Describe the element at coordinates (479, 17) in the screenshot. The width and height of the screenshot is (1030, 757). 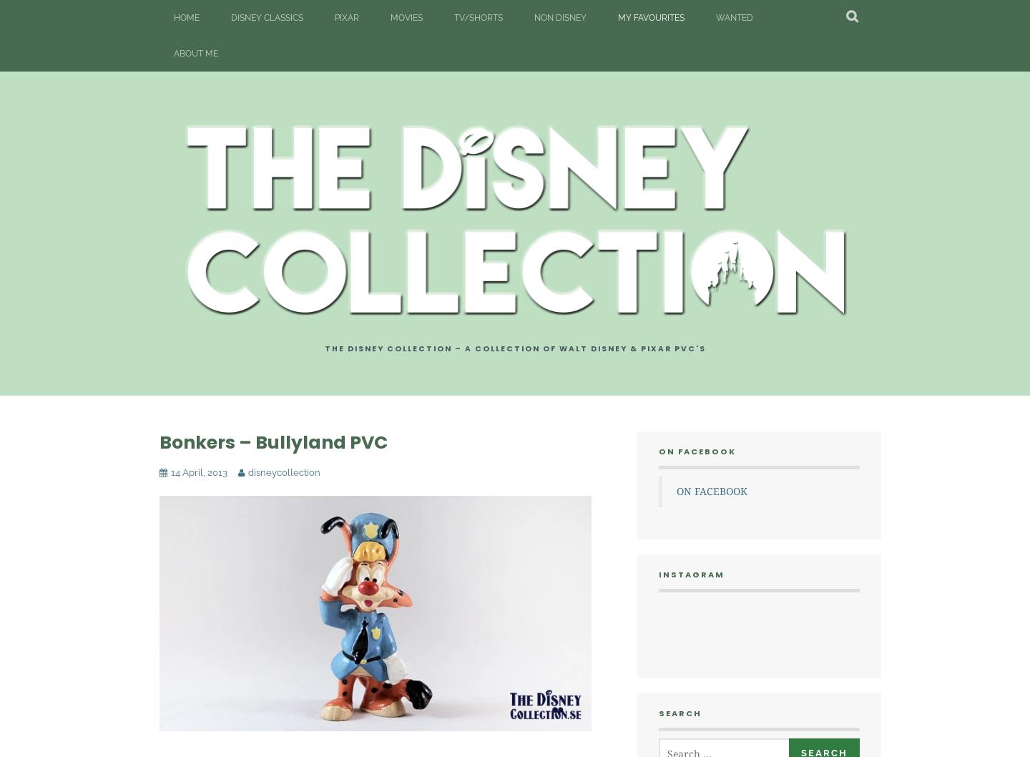
I see `'TV/Shorts'` at that location.